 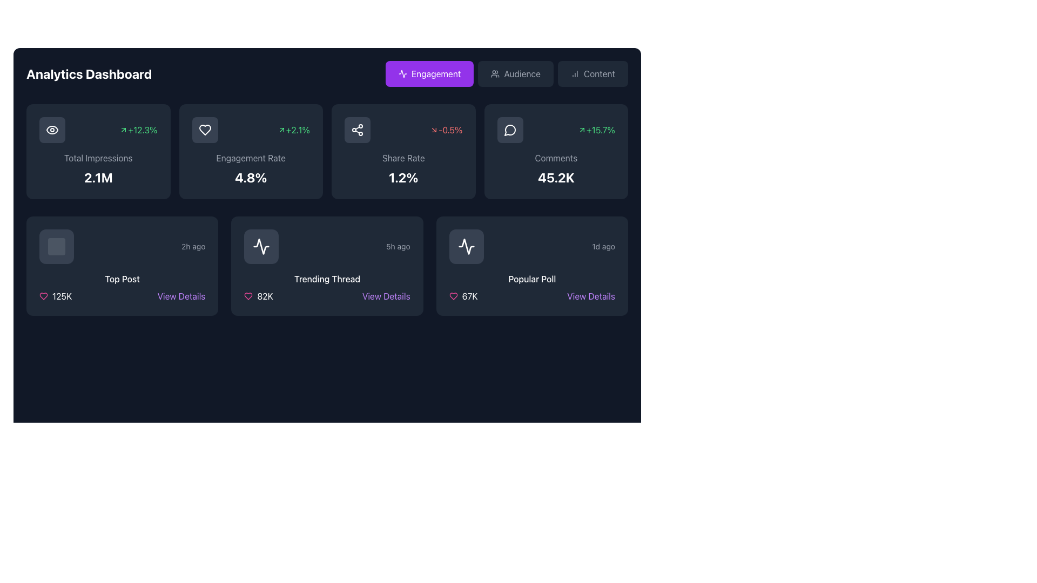 What do you see at coordinates (509, 129) in the screenshot?
I see `the visual representation of the Comments icon located in the second row and second column of the dashboard grid, positioned above the Comments label and value text` at bounding box center [509, 129].